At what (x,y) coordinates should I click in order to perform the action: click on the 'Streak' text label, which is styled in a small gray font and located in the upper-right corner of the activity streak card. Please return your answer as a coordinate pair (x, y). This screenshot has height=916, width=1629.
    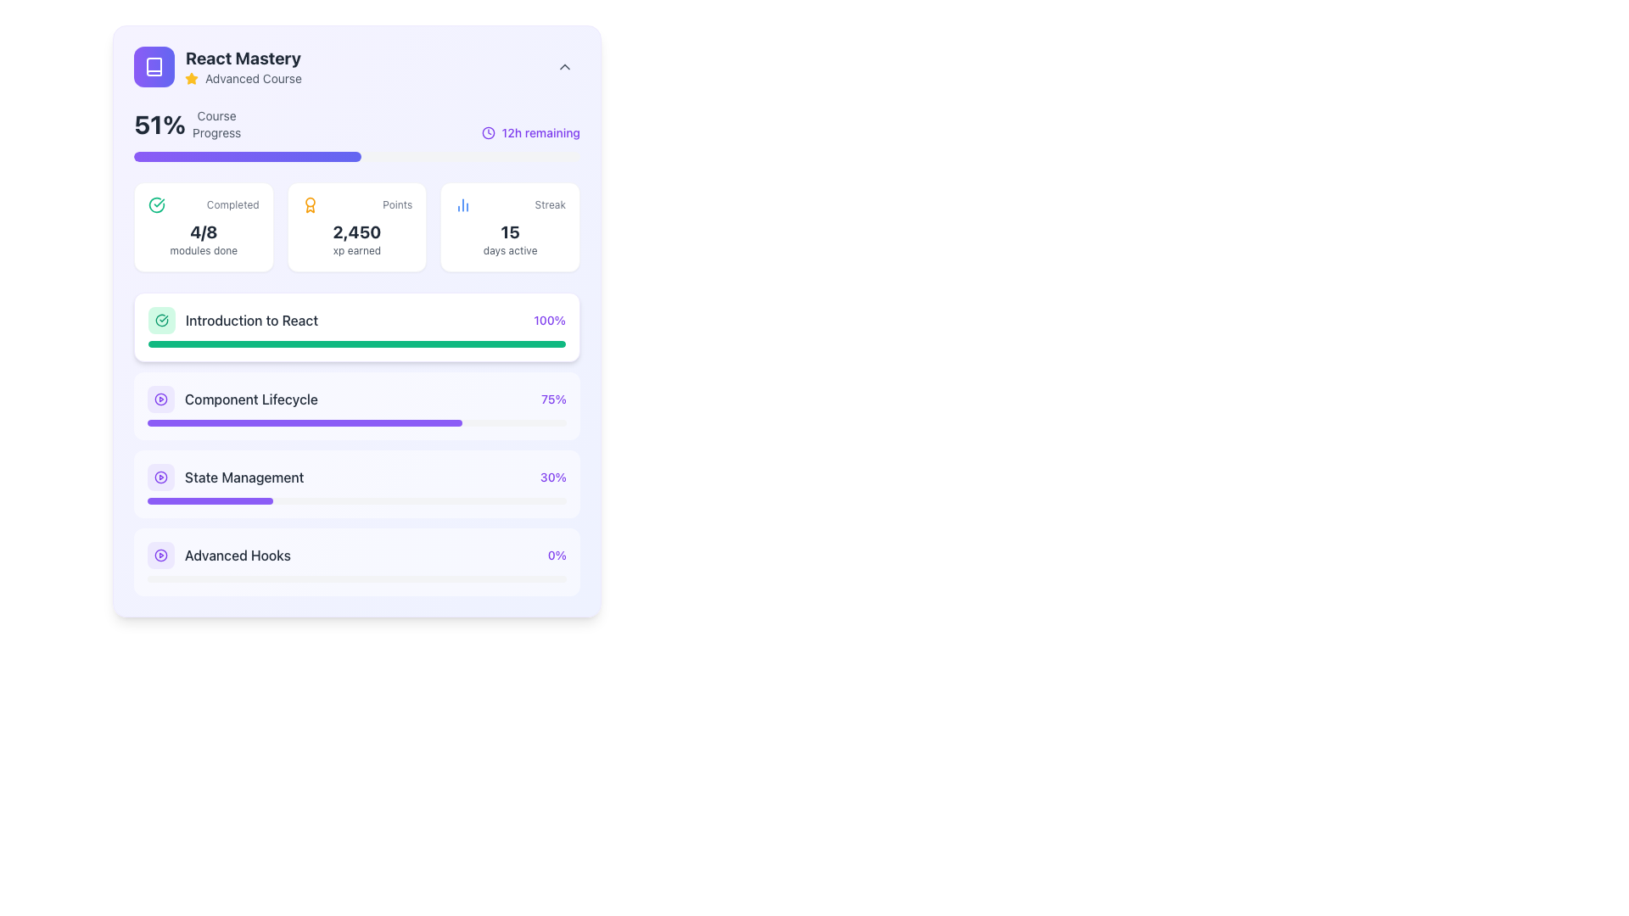
    Looking at the image, I should click on (550, 204).